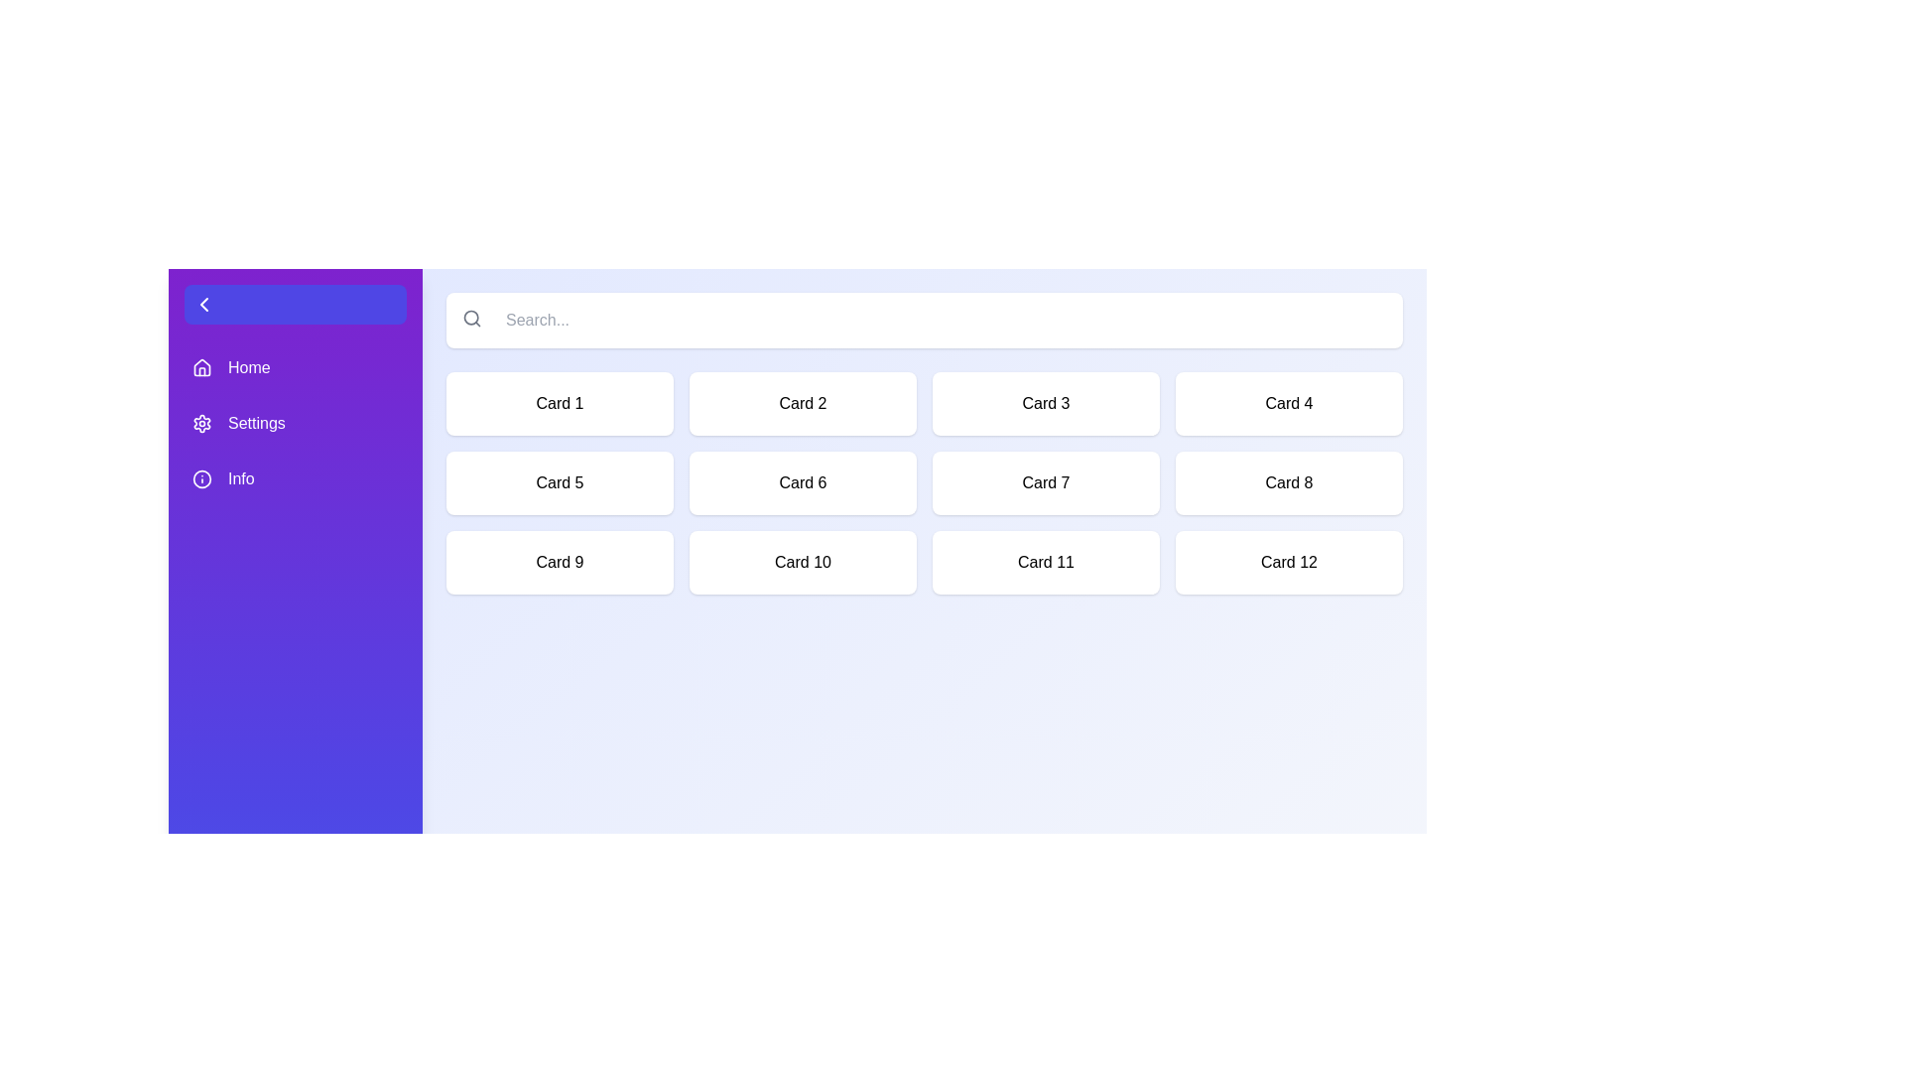 Image resolution: width=1905 pixels, height=1072 pixels. What do you see at coordinates (294, 478) in the screenshot?
I see `the navigation item Info` at bounding box center [294, 478].